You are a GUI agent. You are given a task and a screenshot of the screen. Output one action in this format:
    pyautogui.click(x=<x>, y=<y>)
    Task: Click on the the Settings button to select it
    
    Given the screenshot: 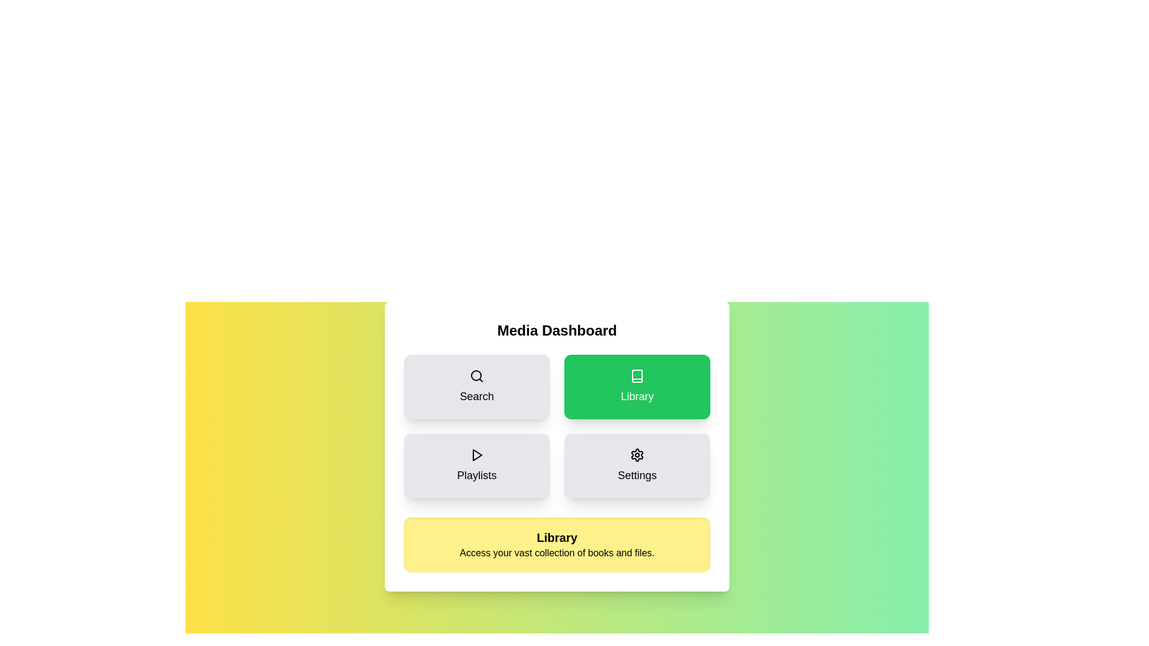 What is the action you would take?
    pyautogui.click(x=637, y=465)
    